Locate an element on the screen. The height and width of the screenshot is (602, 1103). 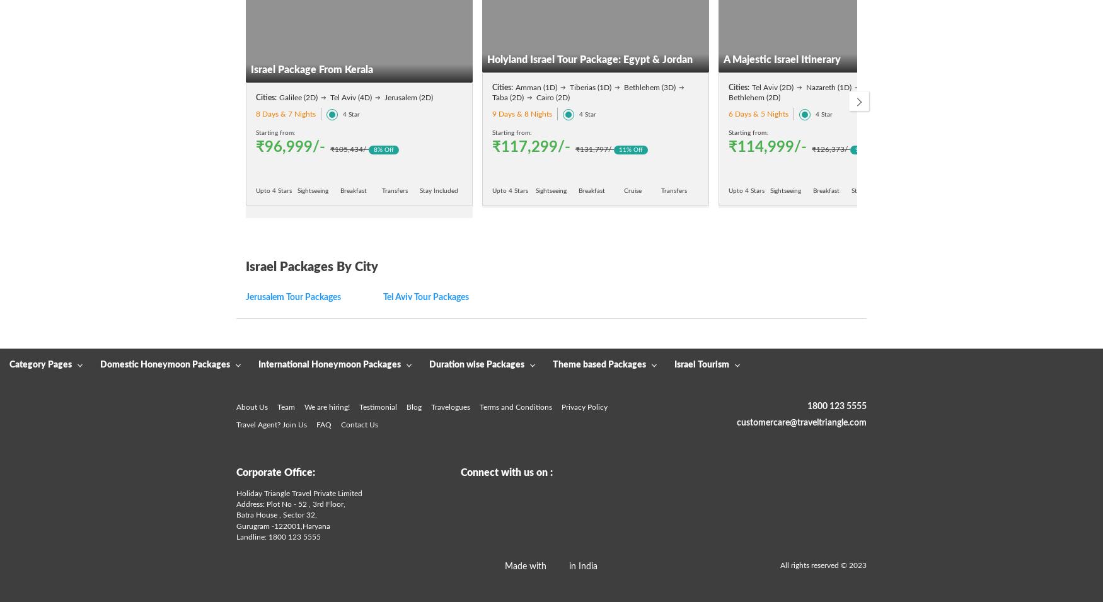
'Address: Plot No - 52 ,  3rd Floor,' is located at coordinates (291, 504).